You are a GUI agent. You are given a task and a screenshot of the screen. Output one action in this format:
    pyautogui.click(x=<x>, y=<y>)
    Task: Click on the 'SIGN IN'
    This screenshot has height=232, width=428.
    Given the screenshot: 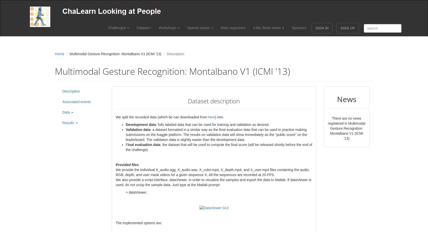 What is the action you would take?
    pyautogui.click(x=322, y=28)
    